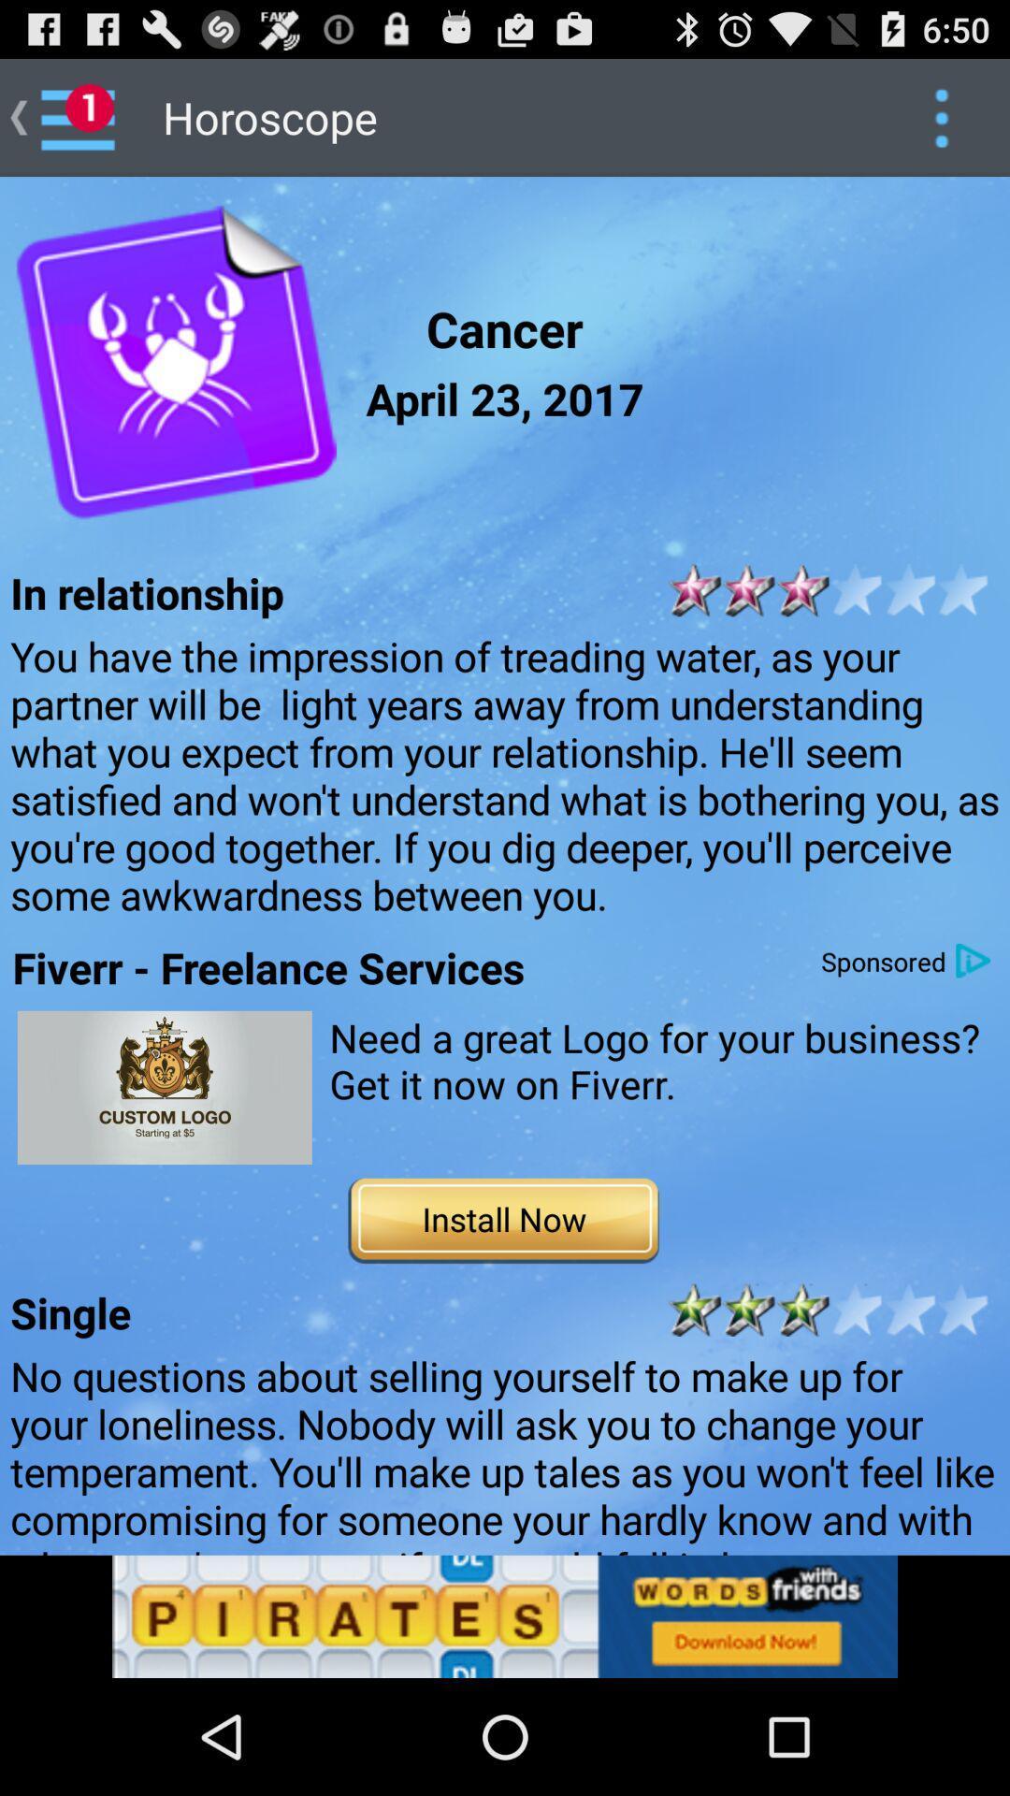 Image resolution: width=1010 pixels, height=1796 pixels. Describe the element at coordinates (164, 1087) in the screenshot. I see `the advertising app` at that location.